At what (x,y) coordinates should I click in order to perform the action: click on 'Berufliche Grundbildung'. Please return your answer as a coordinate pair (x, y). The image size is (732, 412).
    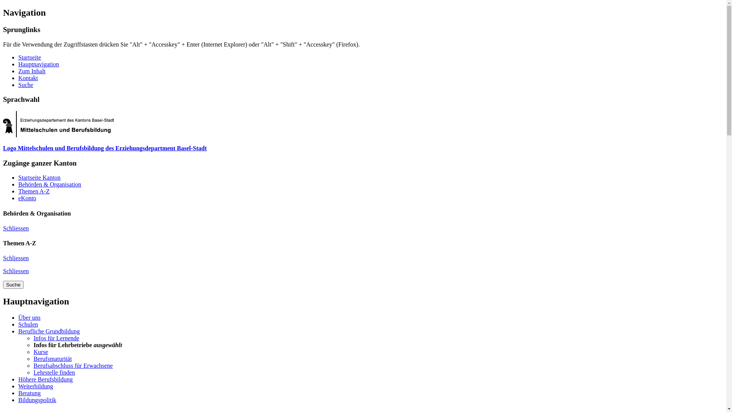
    Looking at the image, I should click on (48, 331).